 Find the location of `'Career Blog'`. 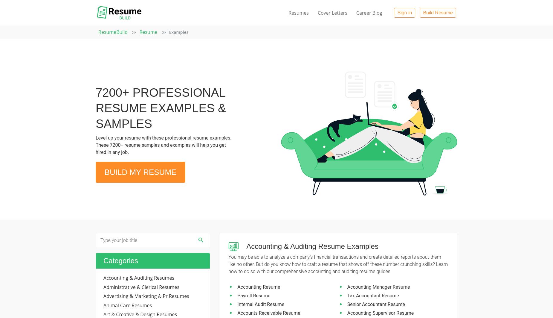

'Career Blog' is located at coordinates (369, 12).